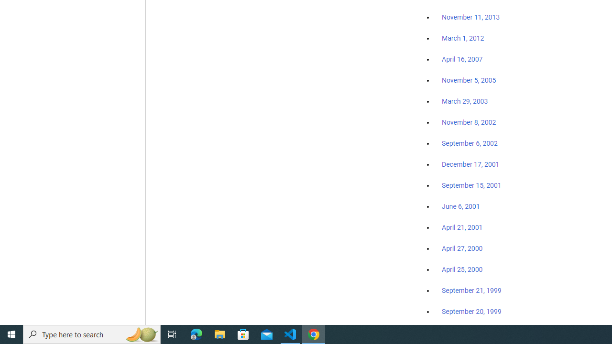 This screenshot has width=612, height=344. What do you see at coordinates (462, 248) in the screenshot?
I see `'April 27, 2000'` at bounding box center [462, 248].